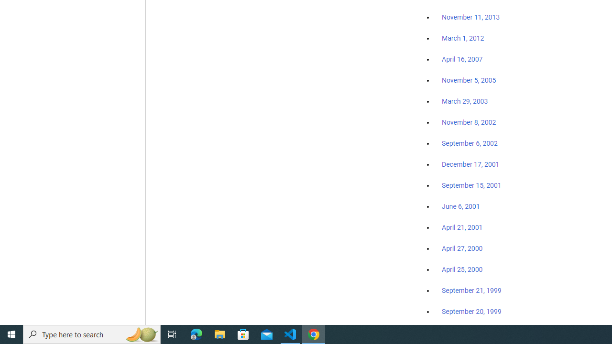 This screenshot has width=612, height=344. What do you see at coordinates (462, 248) in the screenshot?
I see `'April 27, 2000'` at bounding box center [462, 248].